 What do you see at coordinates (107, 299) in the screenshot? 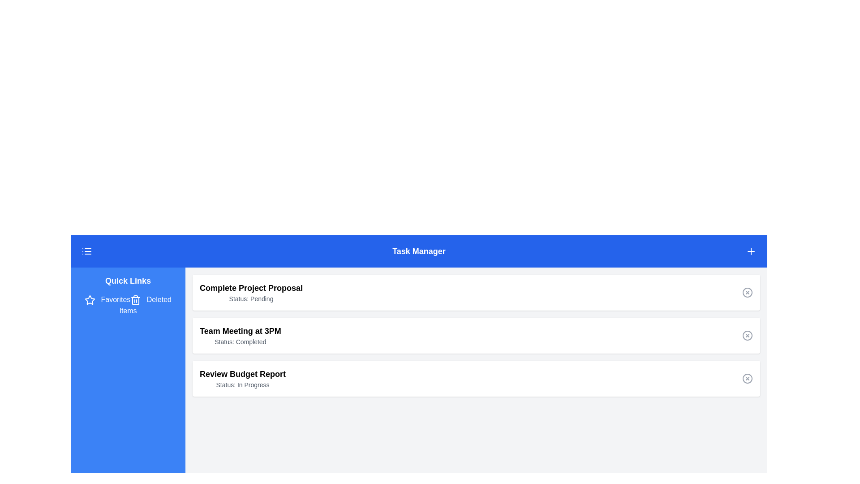
I see `the 'Favorites' hyperlink with a star icon located in the left-hand sidebar under 'Quick Links'` at bounding box center [107, 299].